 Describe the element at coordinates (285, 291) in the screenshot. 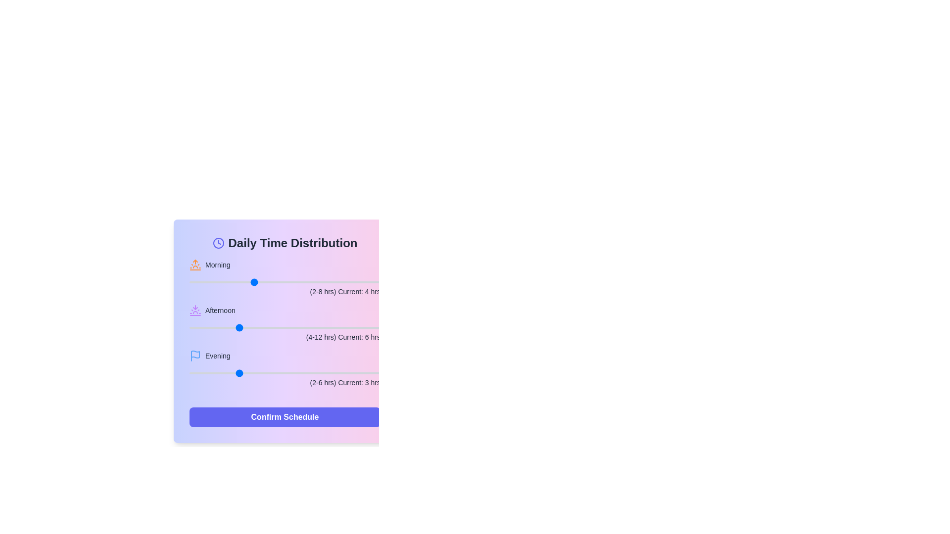

I see `the static text label indicating the time range (2-8 hours) and its current value (4 hours) located in the 'Morning' section, positioned below the slider control` at that location.